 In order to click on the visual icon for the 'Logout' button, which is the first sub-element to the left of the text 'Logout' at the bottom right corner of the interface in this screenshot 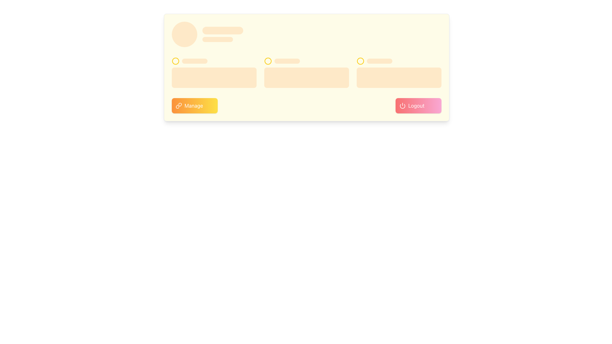, I will do `click(402, 105)`.